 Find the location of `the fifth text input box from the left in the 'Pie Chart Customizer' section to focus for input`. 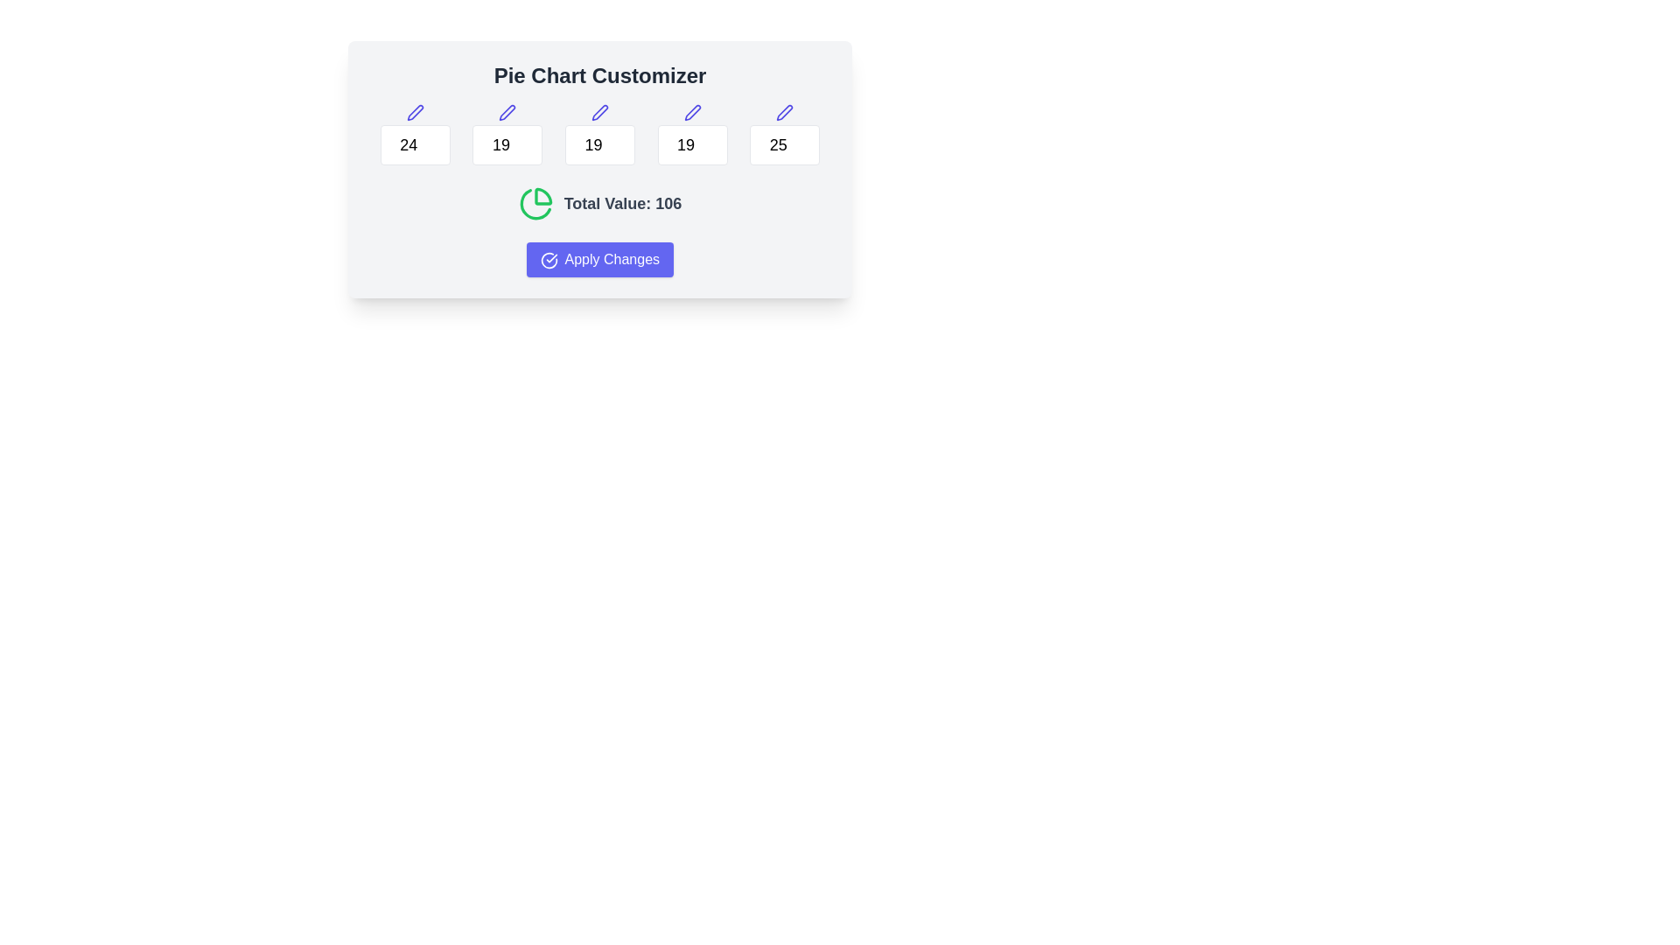

the fifth text input box from the left in the 'Pie Chart Customizer' section to focus for input is located at coordinates (784, 134).